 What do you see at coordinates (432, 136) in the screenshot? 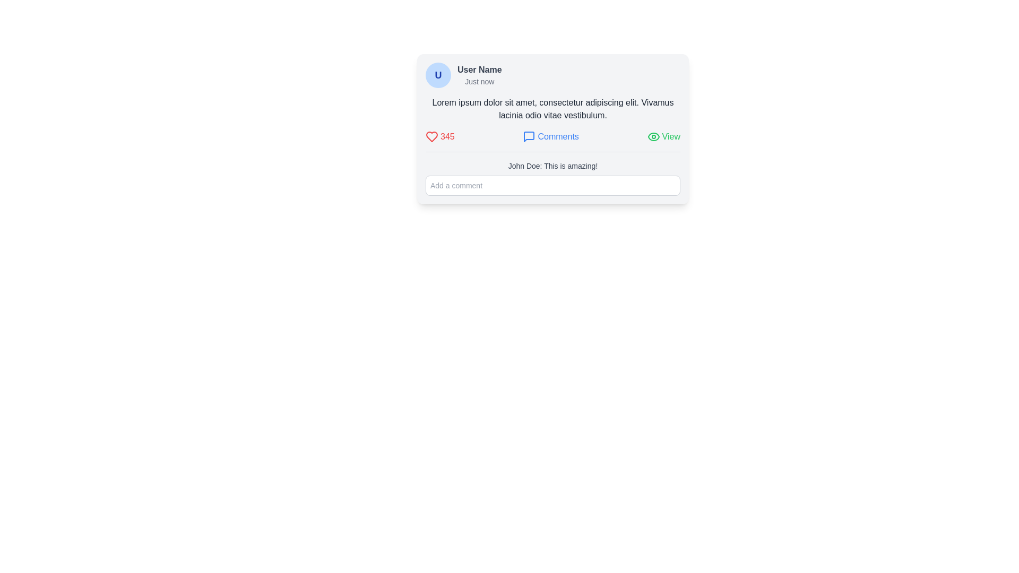
I see `the heart-shaped icon filled with red color located near the number '345' to like or unlike the post` at bounding box center [432, 136].